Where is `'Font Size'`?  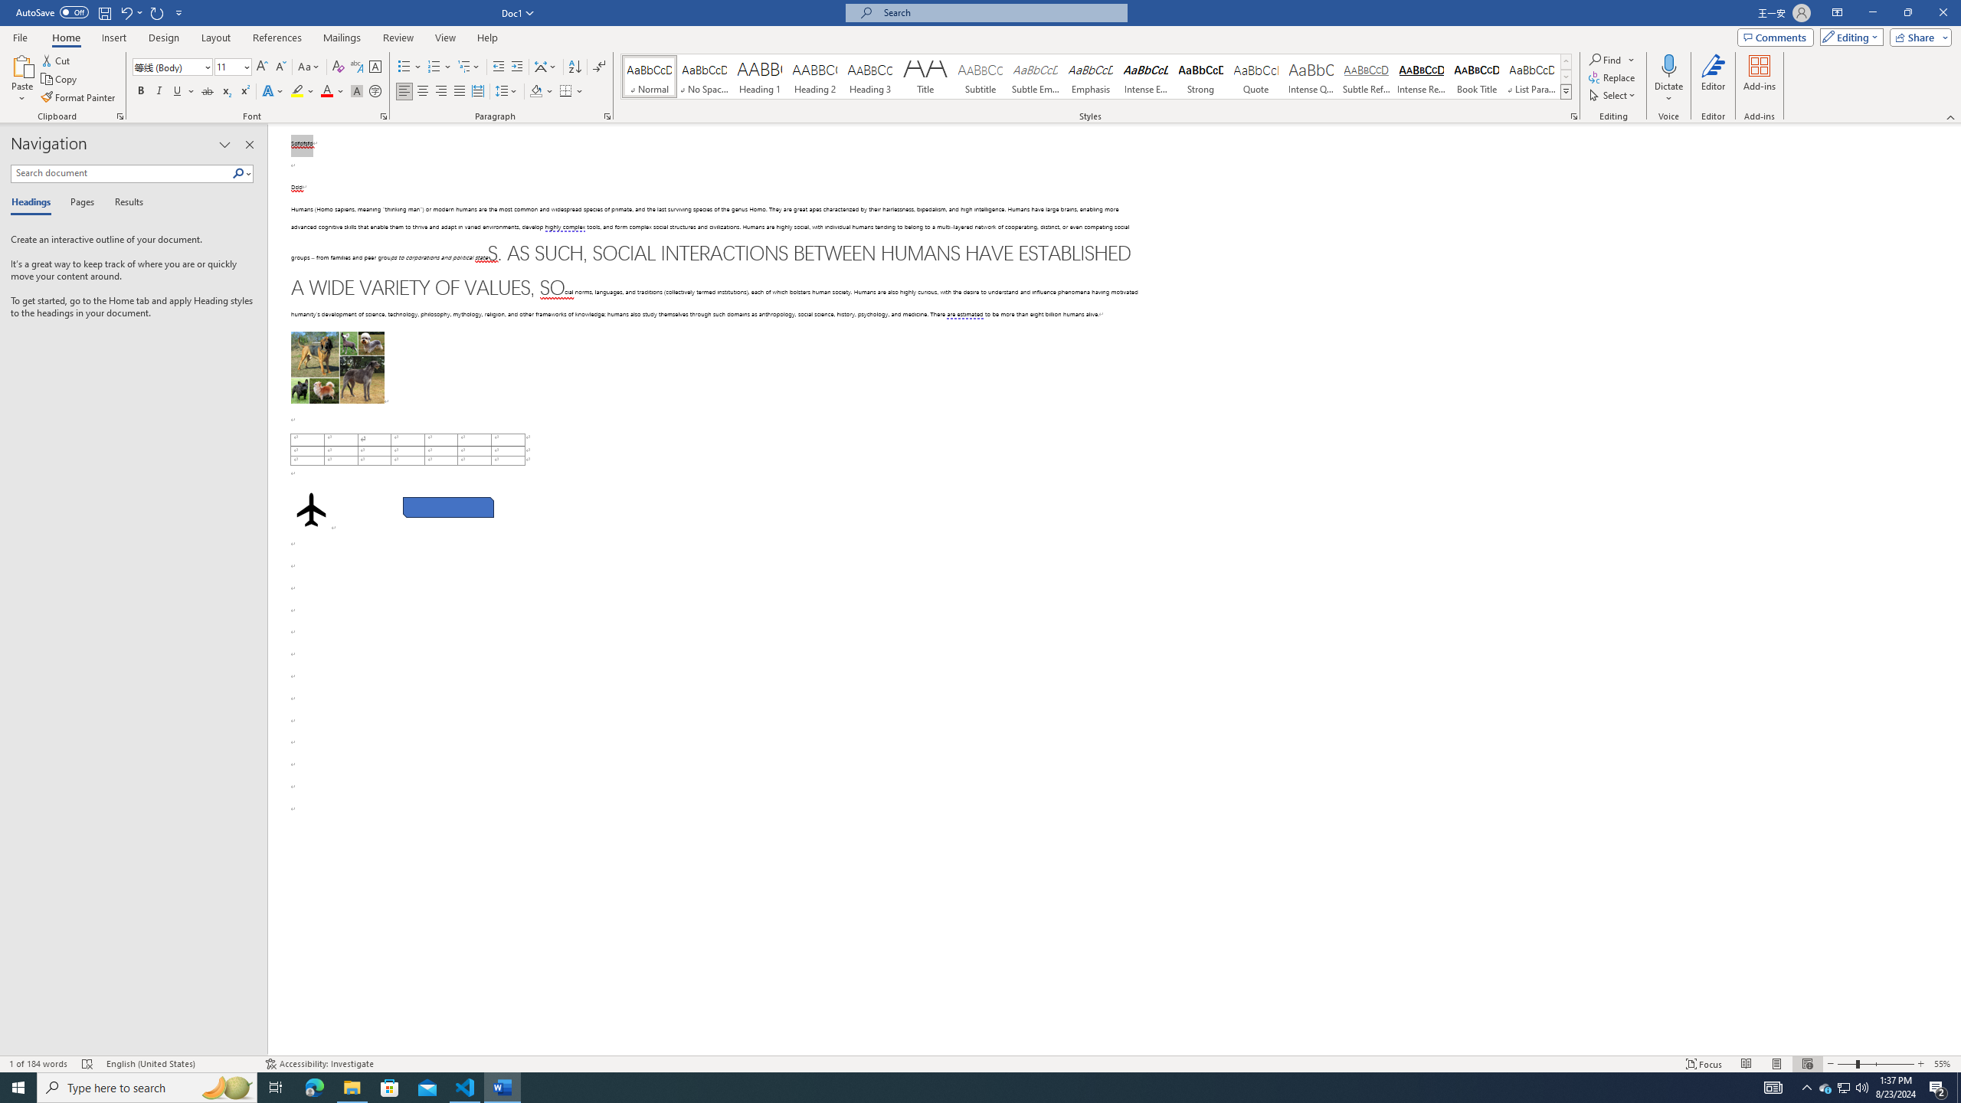 'Font Size' is located at coordinates (228, 67).